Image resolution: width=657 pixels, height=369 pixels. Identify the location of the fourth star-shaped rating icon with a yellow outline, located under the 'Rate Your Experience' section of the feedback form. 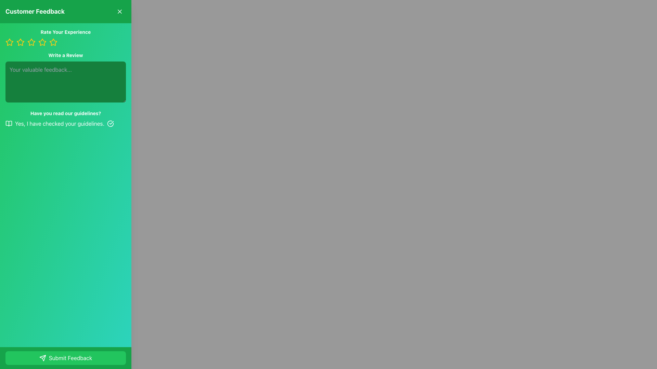
(31, 42).